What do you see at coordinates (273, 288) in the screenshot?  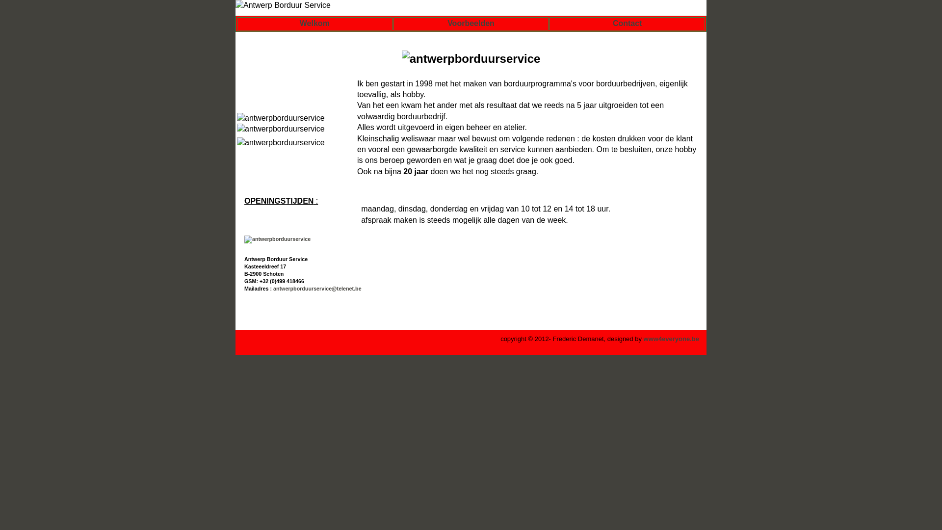 I see `'antwerpborduurservice@telenet.be'` at bounding box center [273, 288].